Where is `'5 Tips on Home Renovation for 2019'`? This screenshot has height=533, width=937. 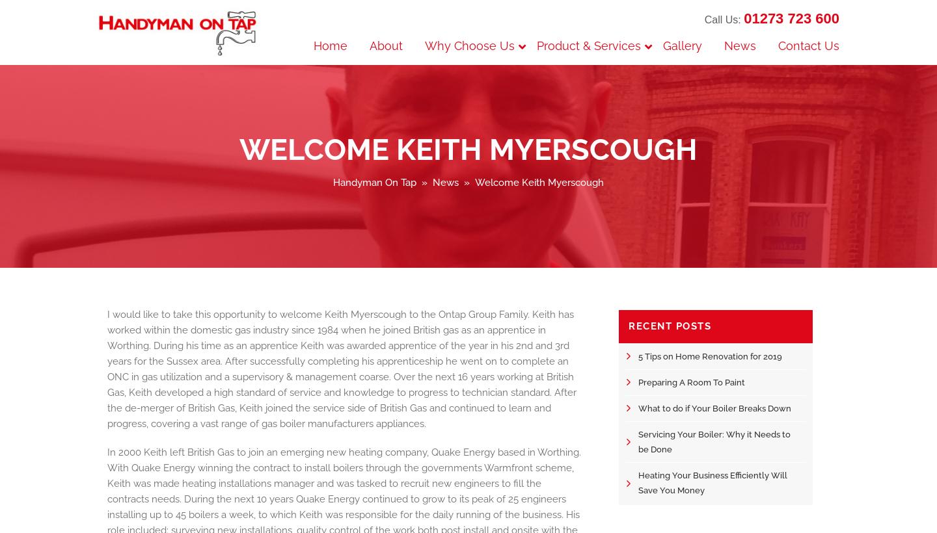
'5 Tips on Home Renovation for 2019' is located at coordinates (709, 355).